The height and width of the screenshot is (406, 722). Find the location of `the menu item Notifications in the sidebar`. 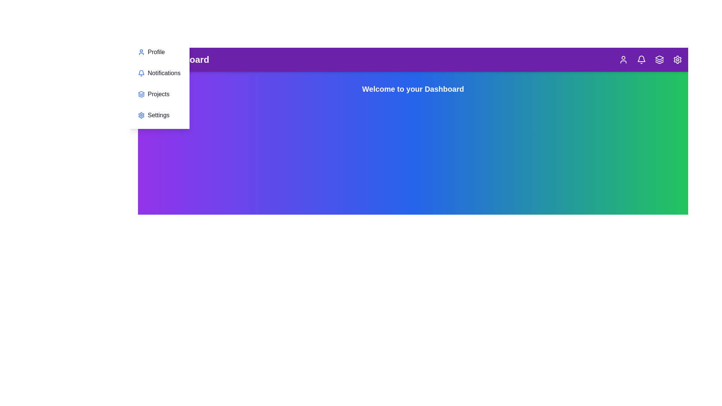

the menu item Notifications in the sidebar is located at coordinates (158, 73).